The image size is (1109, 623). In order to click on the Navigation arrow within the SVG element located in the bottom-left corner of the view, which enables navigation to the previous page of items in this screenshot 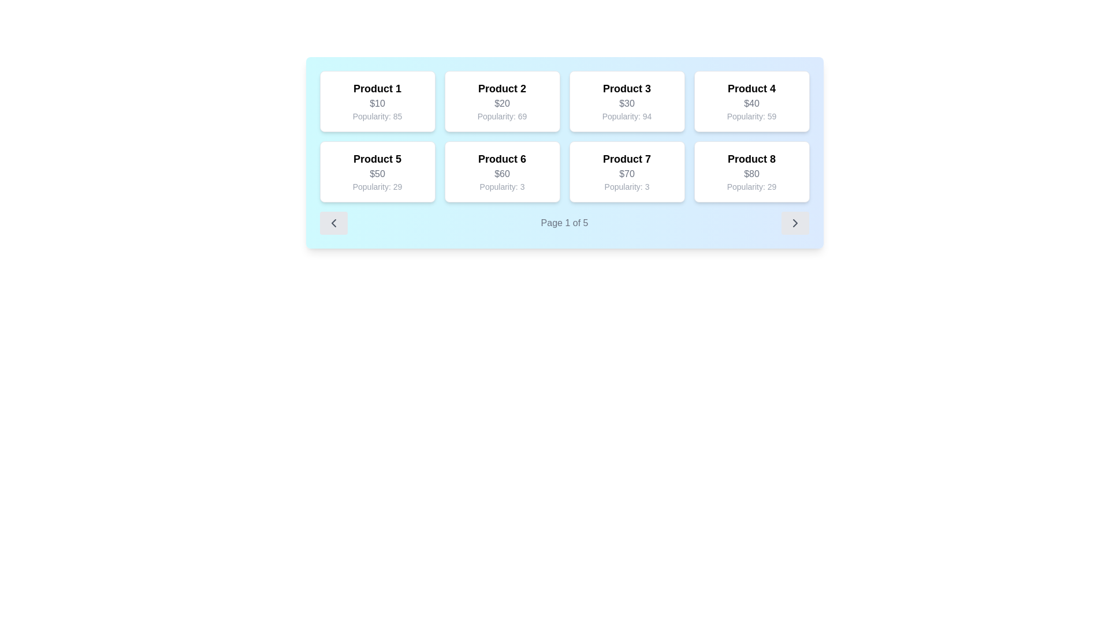, I will do `click(333, 223)`.